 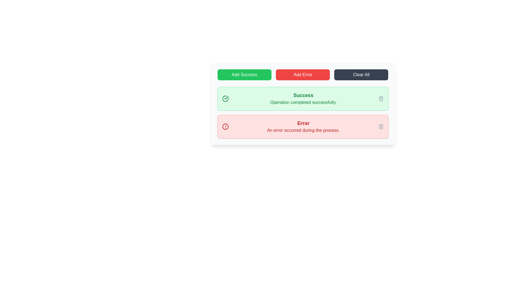 What do you see at coordinates (302, 75) in the screenshot?
I see `the red rectangular button labeled 'Add Error'` at bounding box center [302, 75].